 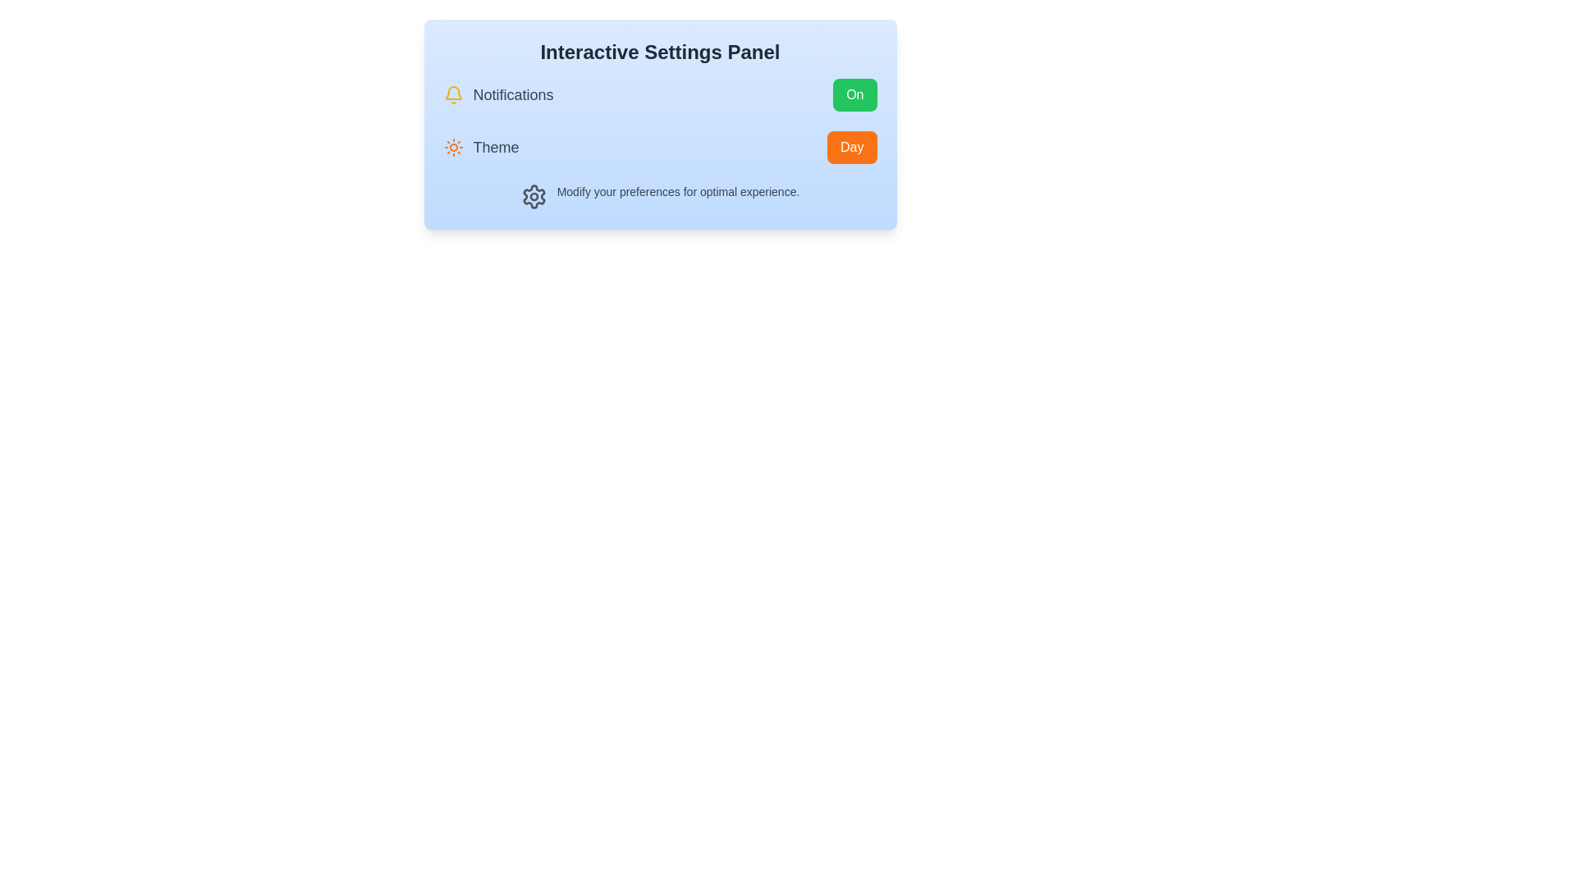 What do you see at coordinates (534, 195) in the screenshot?
I see `the gear icon located in the bottom-left portion of the settings panel` at bounding box center [534, 195].